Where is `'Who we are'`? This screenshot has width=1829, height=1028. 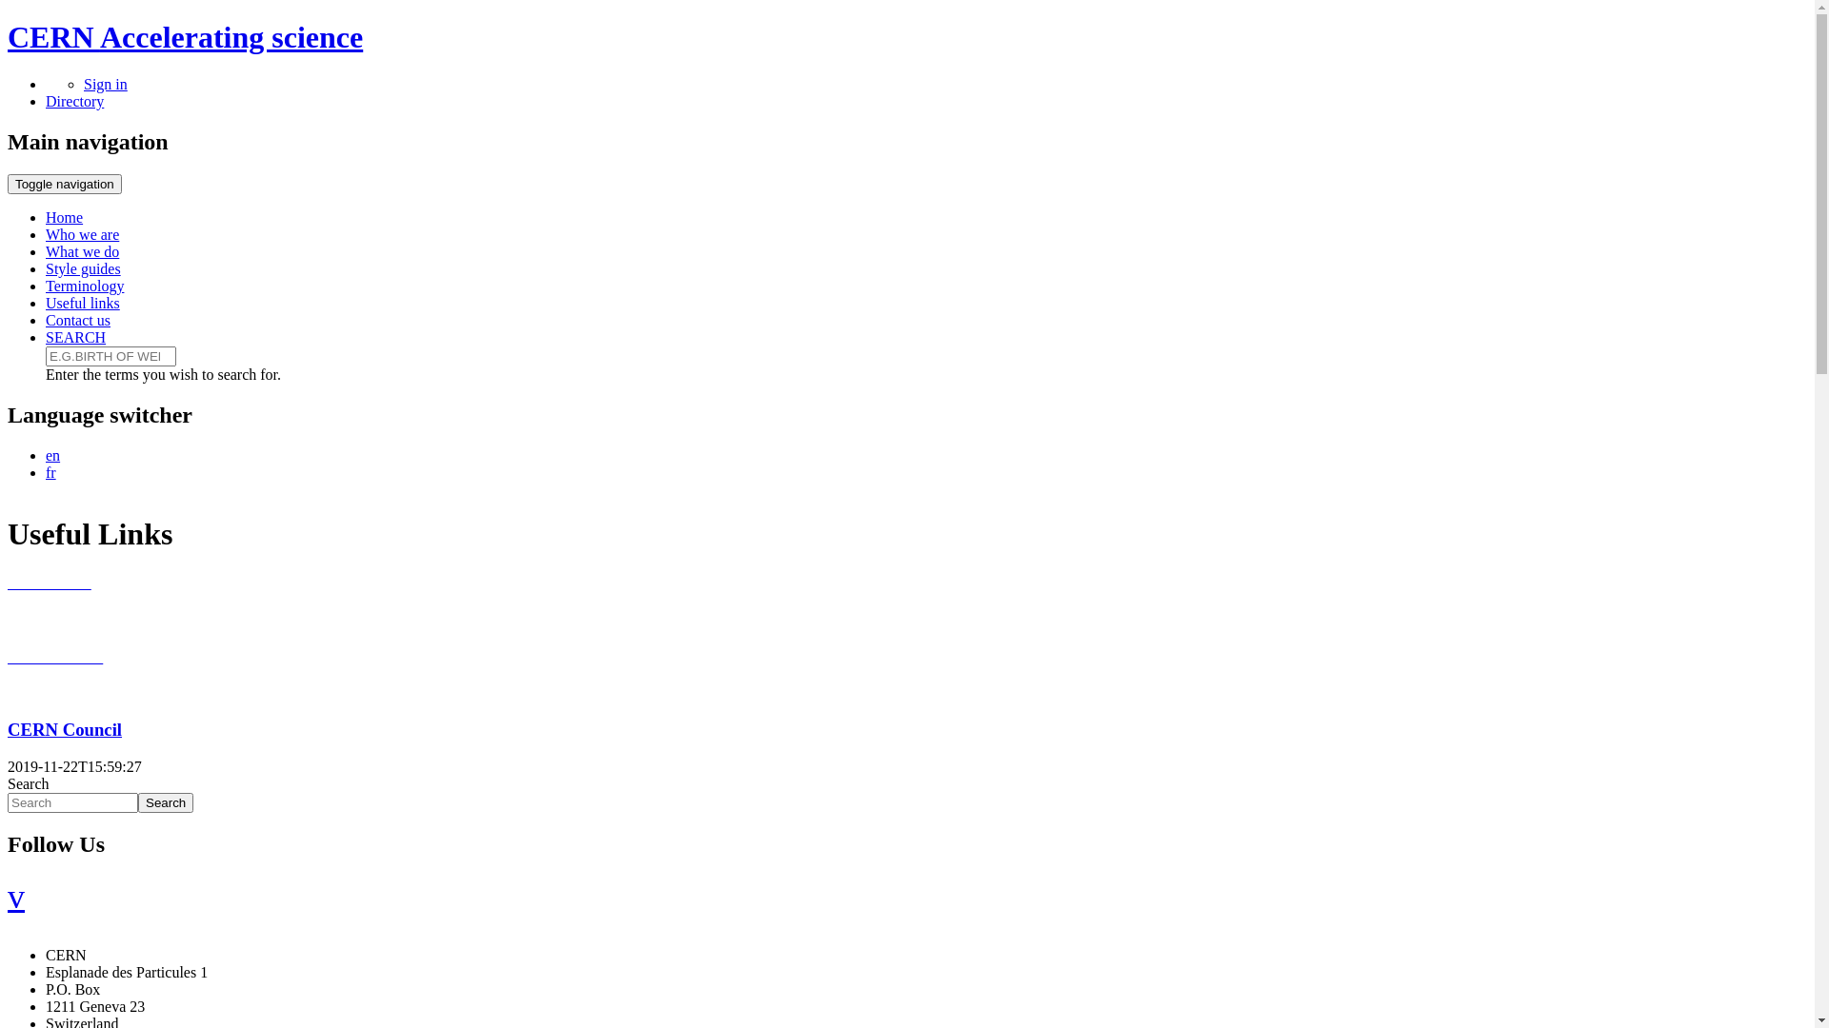 'Who we are' is located at coordinates (81, 233).